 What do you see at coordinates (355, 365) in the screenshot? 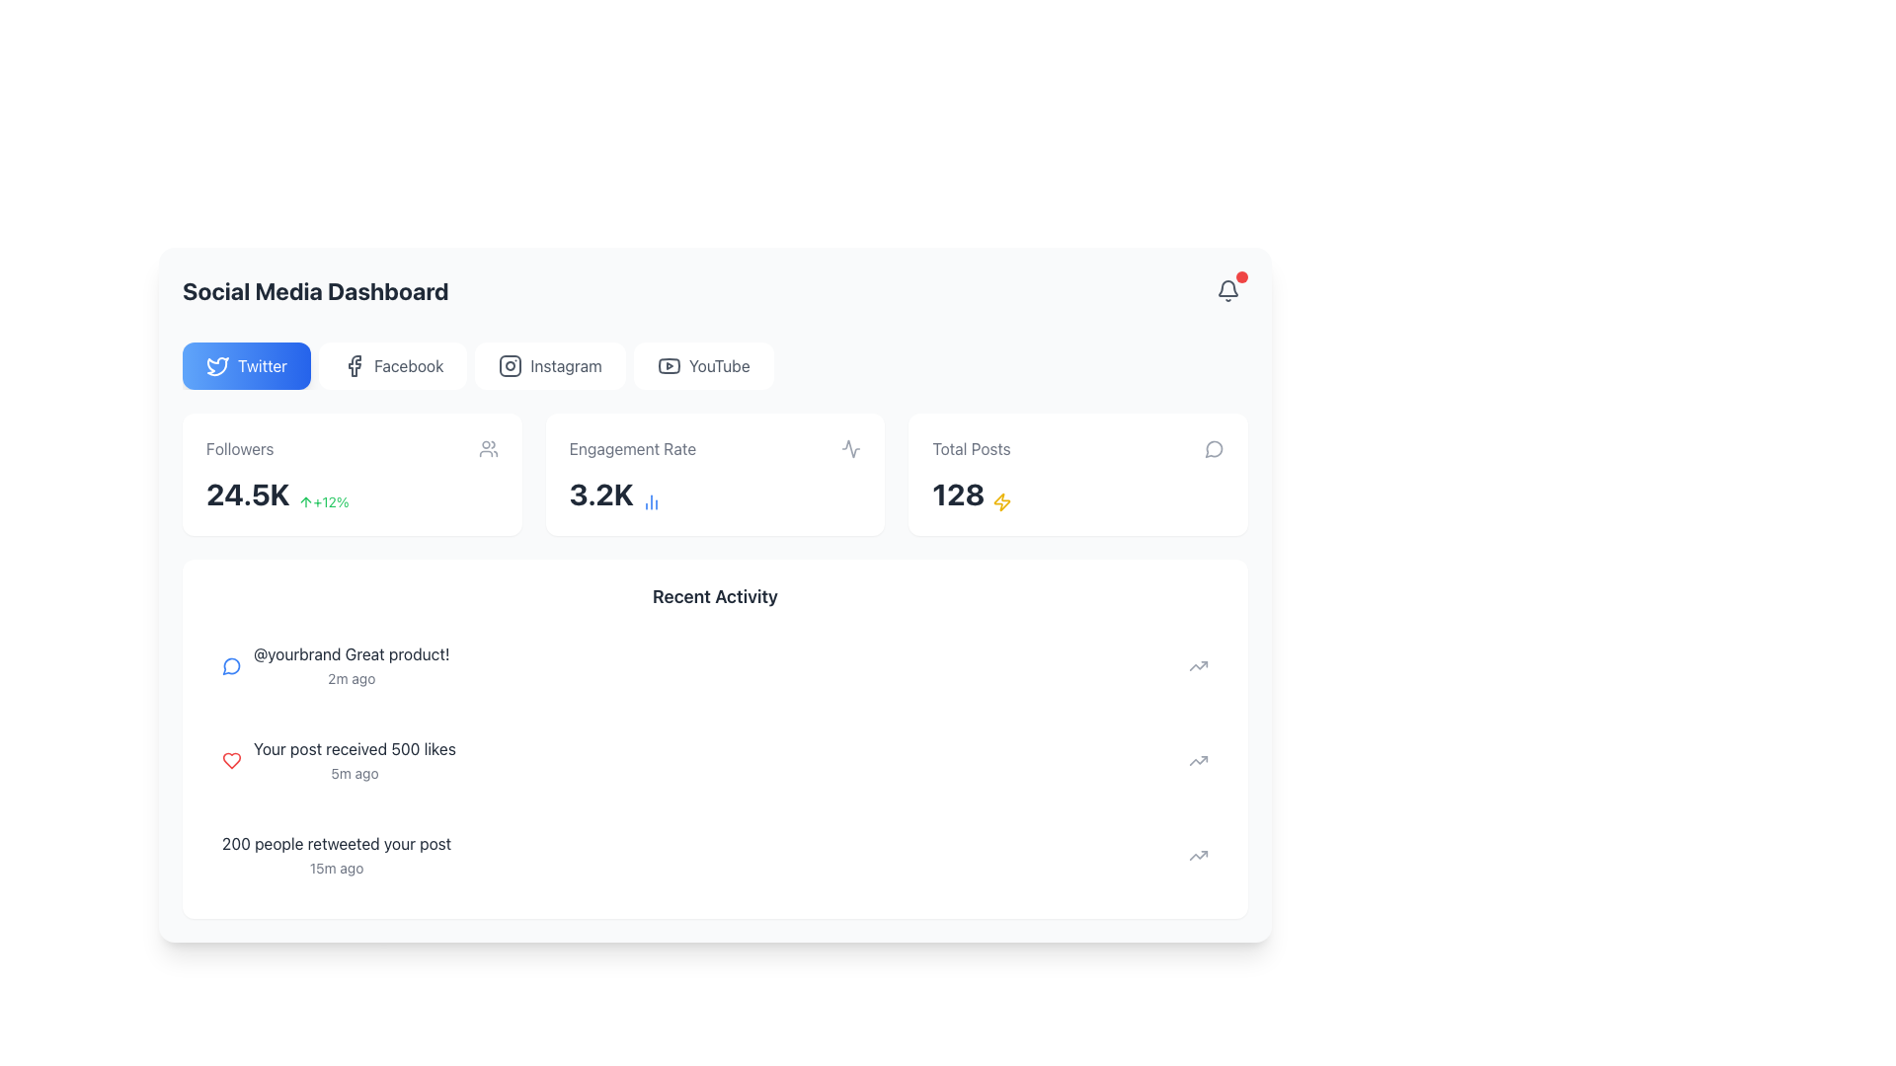
I see `the Facebook icon, which is styled with a thin outline and rounded corners, located in the horizontal navigation bar at the top of the social media dashboard interface` at bounding box center [355, 365].